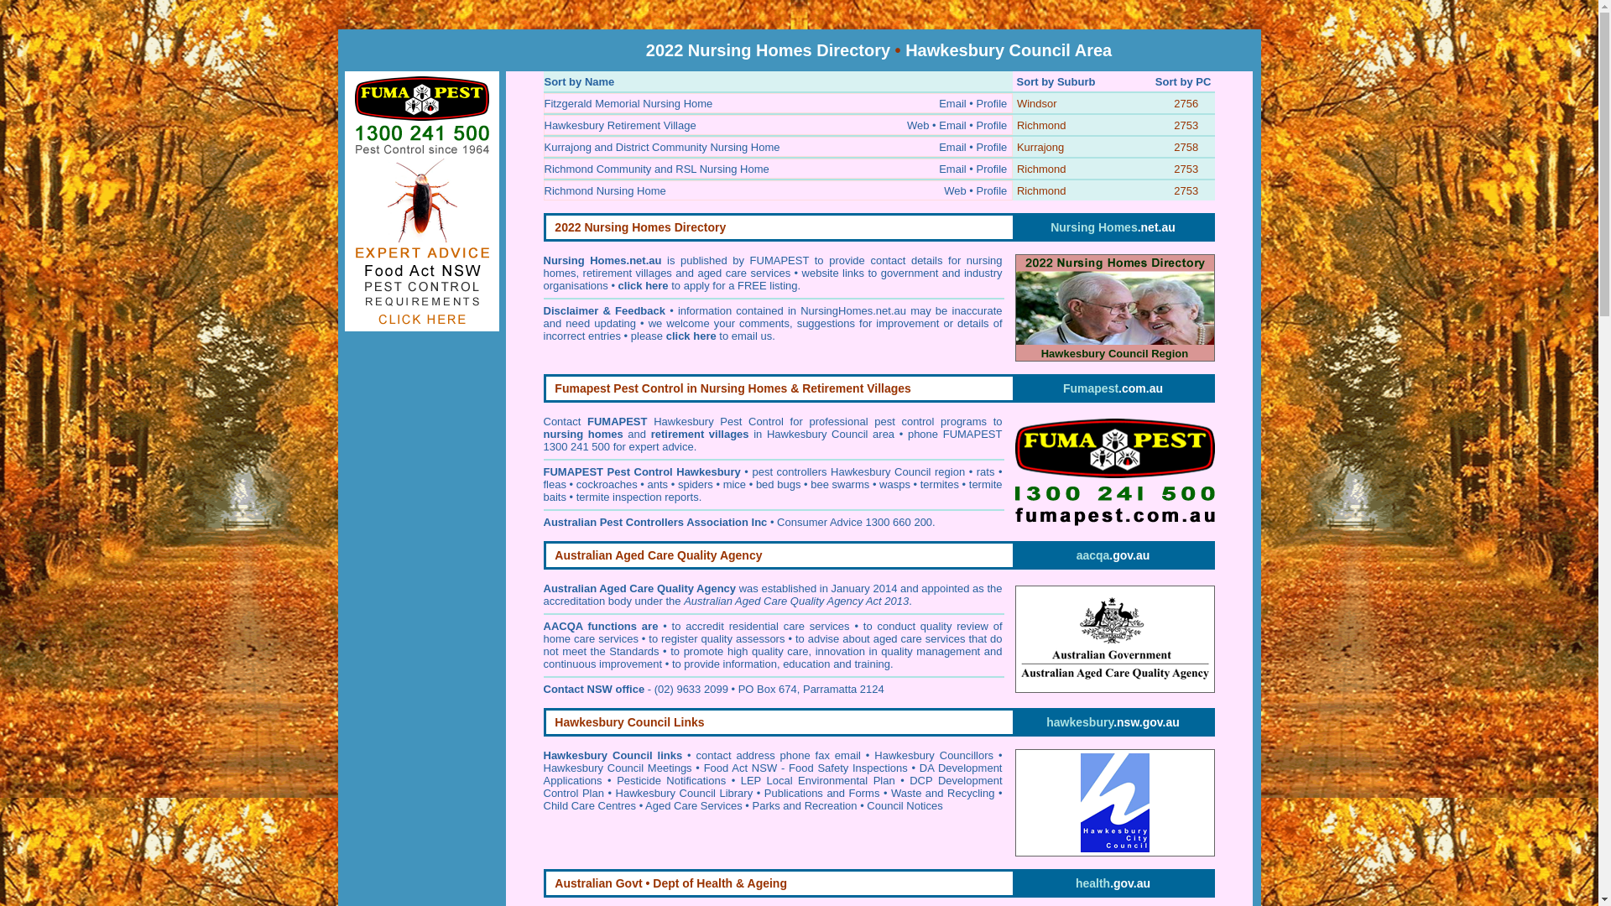  I want to click on 'Richmond', so click(1015, 169).